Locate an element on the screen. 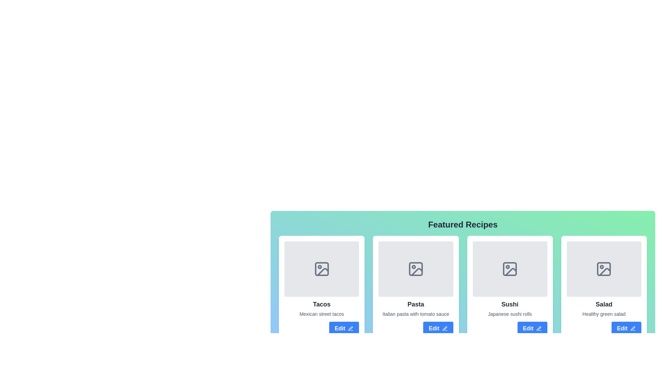 This screenshot has height=374, width=666. the image placeholder element at the top part of the 'Tacos' card, which features a light gray background with rounded corners and an image gallery icon in medium gray tones is located at coordinates (321, 268).